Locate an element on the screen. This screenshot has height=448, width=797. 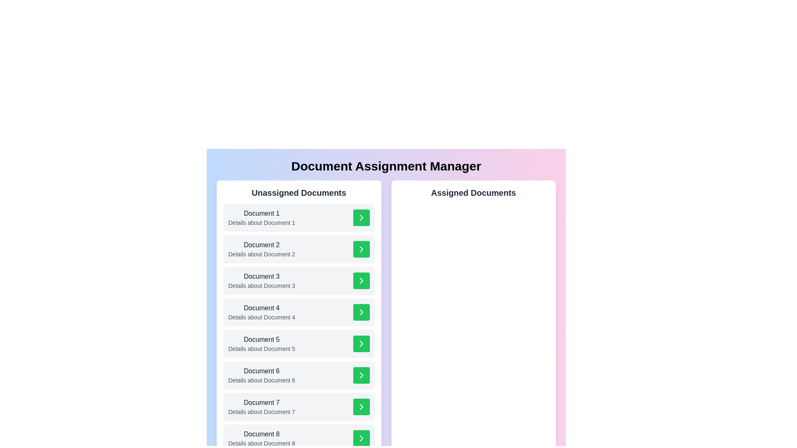
the green rectangular button with rounded corners that has a white chevron pointing to the right, located in the rightmost section corresponding to 'Document 7' is located at coordinates (361, 406).